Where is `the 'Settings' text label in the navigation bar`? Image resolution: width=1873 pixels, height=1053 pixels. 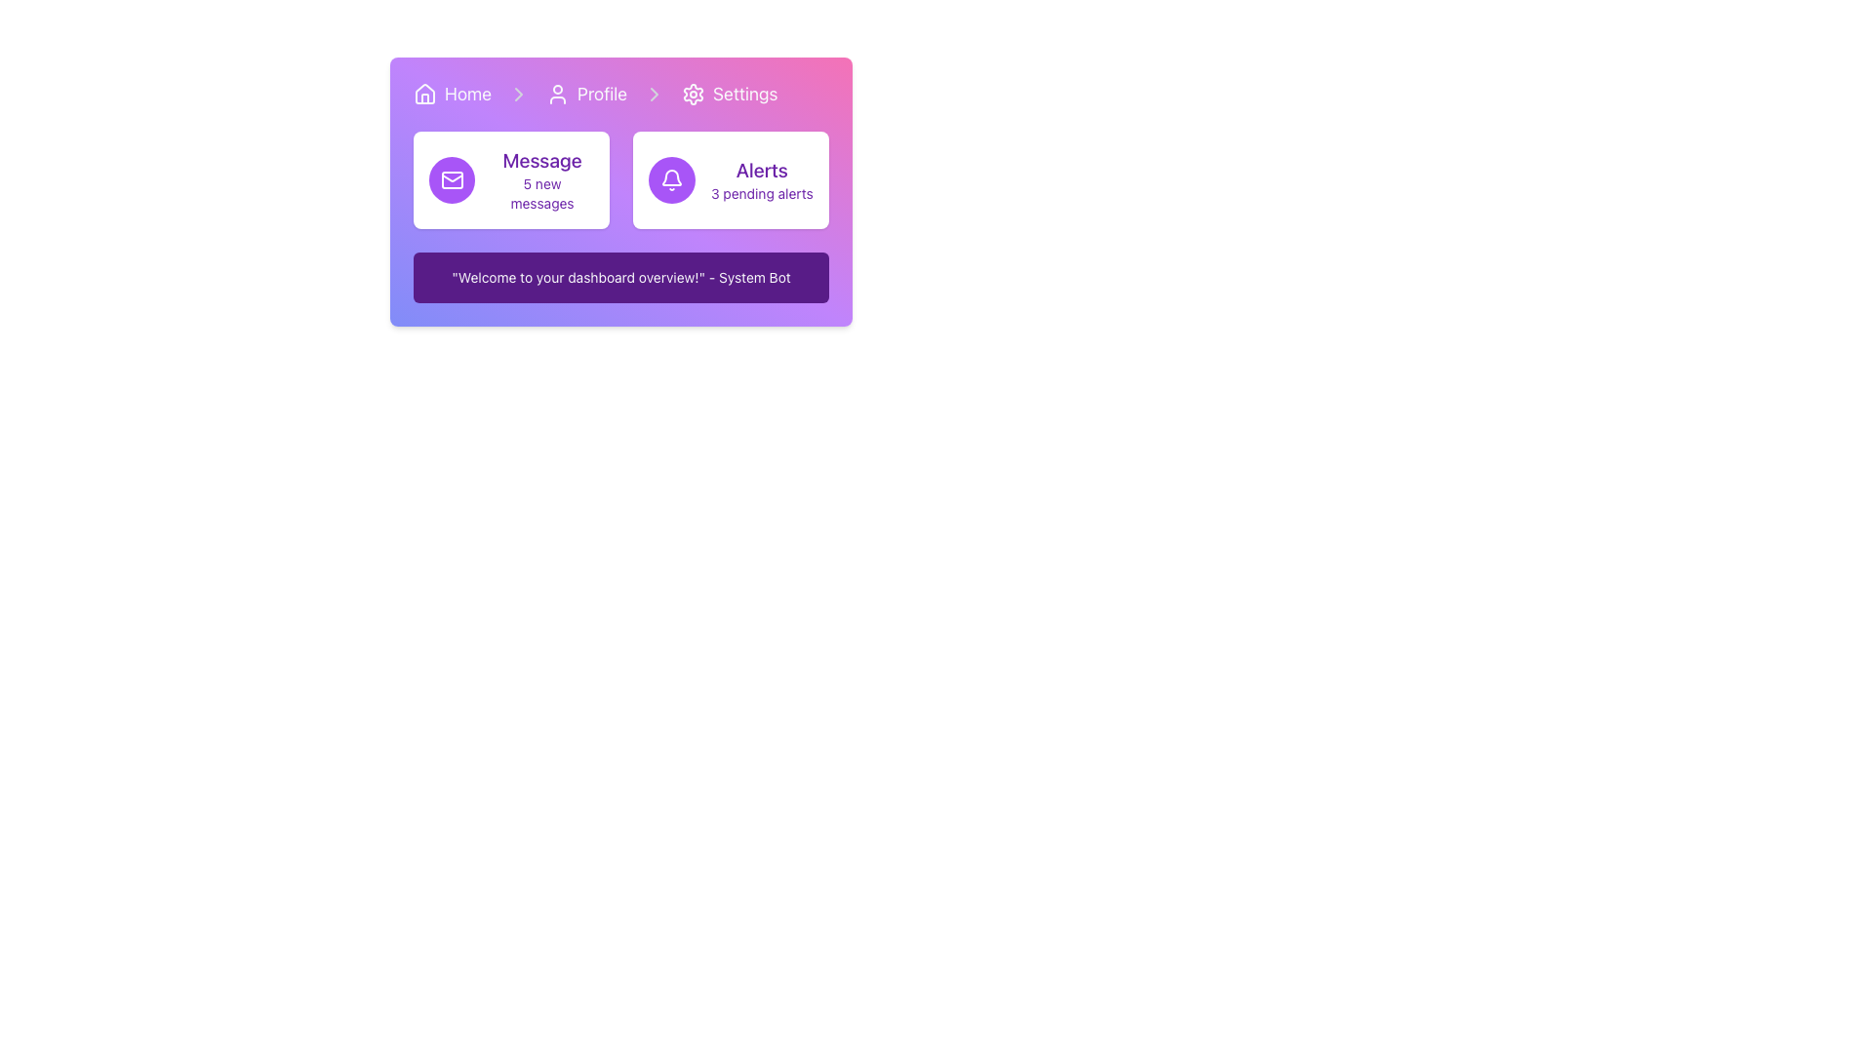 the 'Settings' text label in the navigation bar is located at coordinates (744, 94).